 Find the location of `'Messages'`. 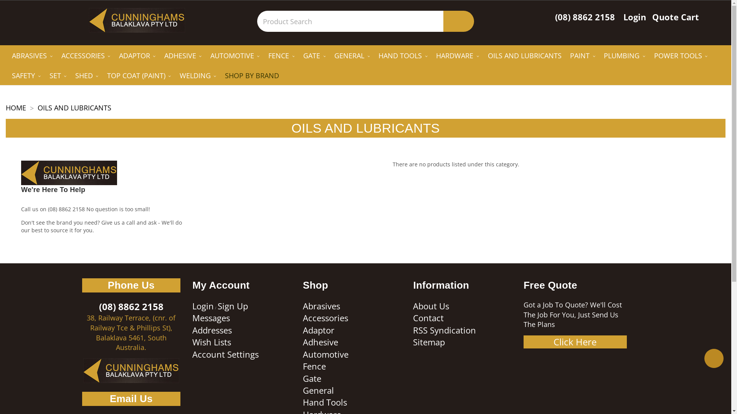

'Messages' is located at coordinates (192, 318).